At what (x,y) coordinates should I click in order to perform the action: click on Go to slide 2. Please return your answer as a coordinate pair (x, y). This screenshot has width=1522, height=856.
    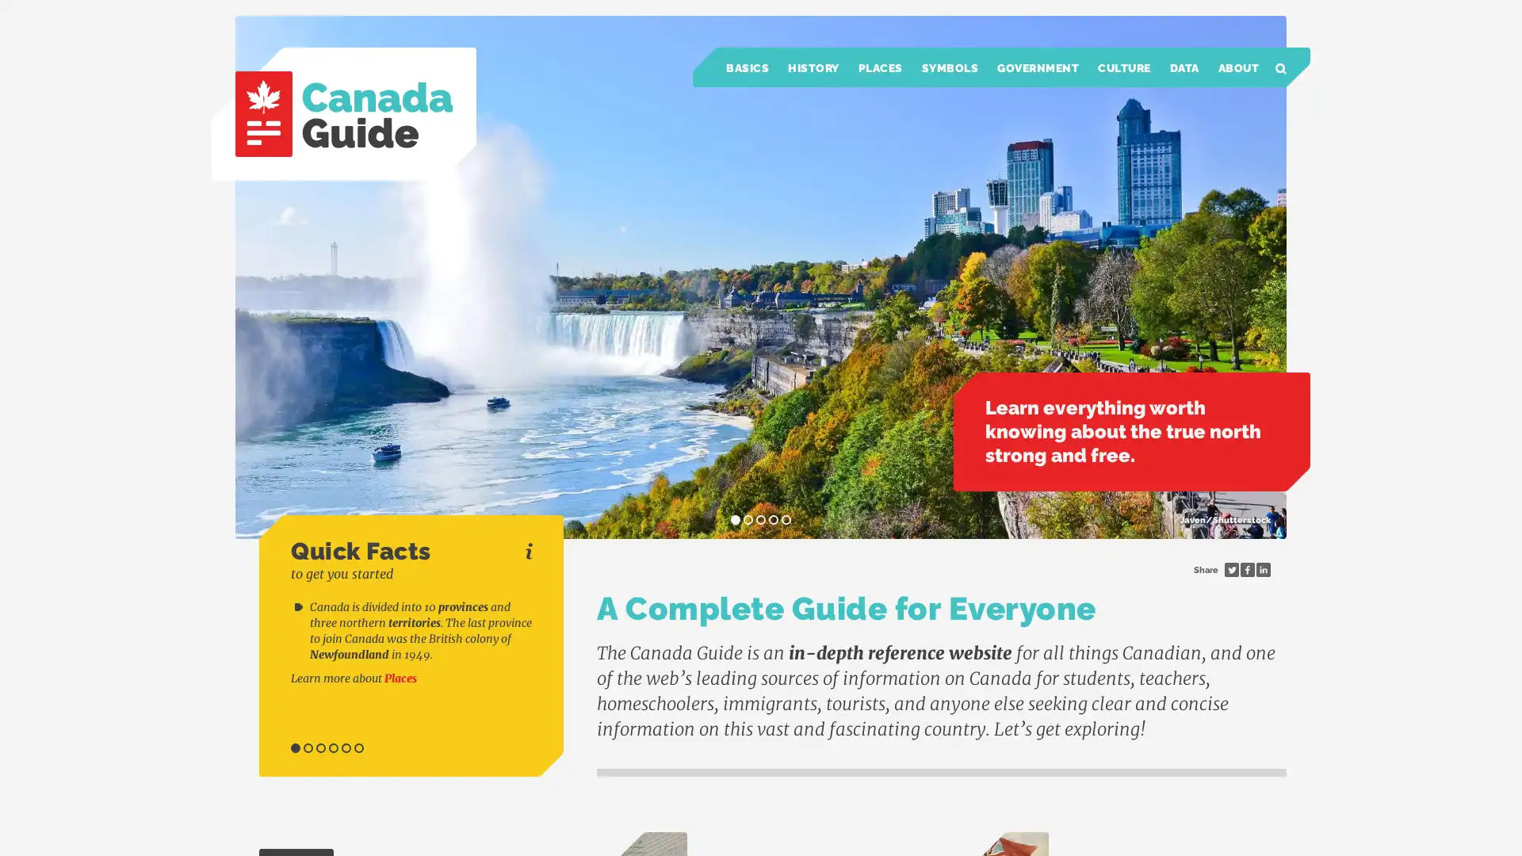
    Looking at the image, I should click on (748, 519).